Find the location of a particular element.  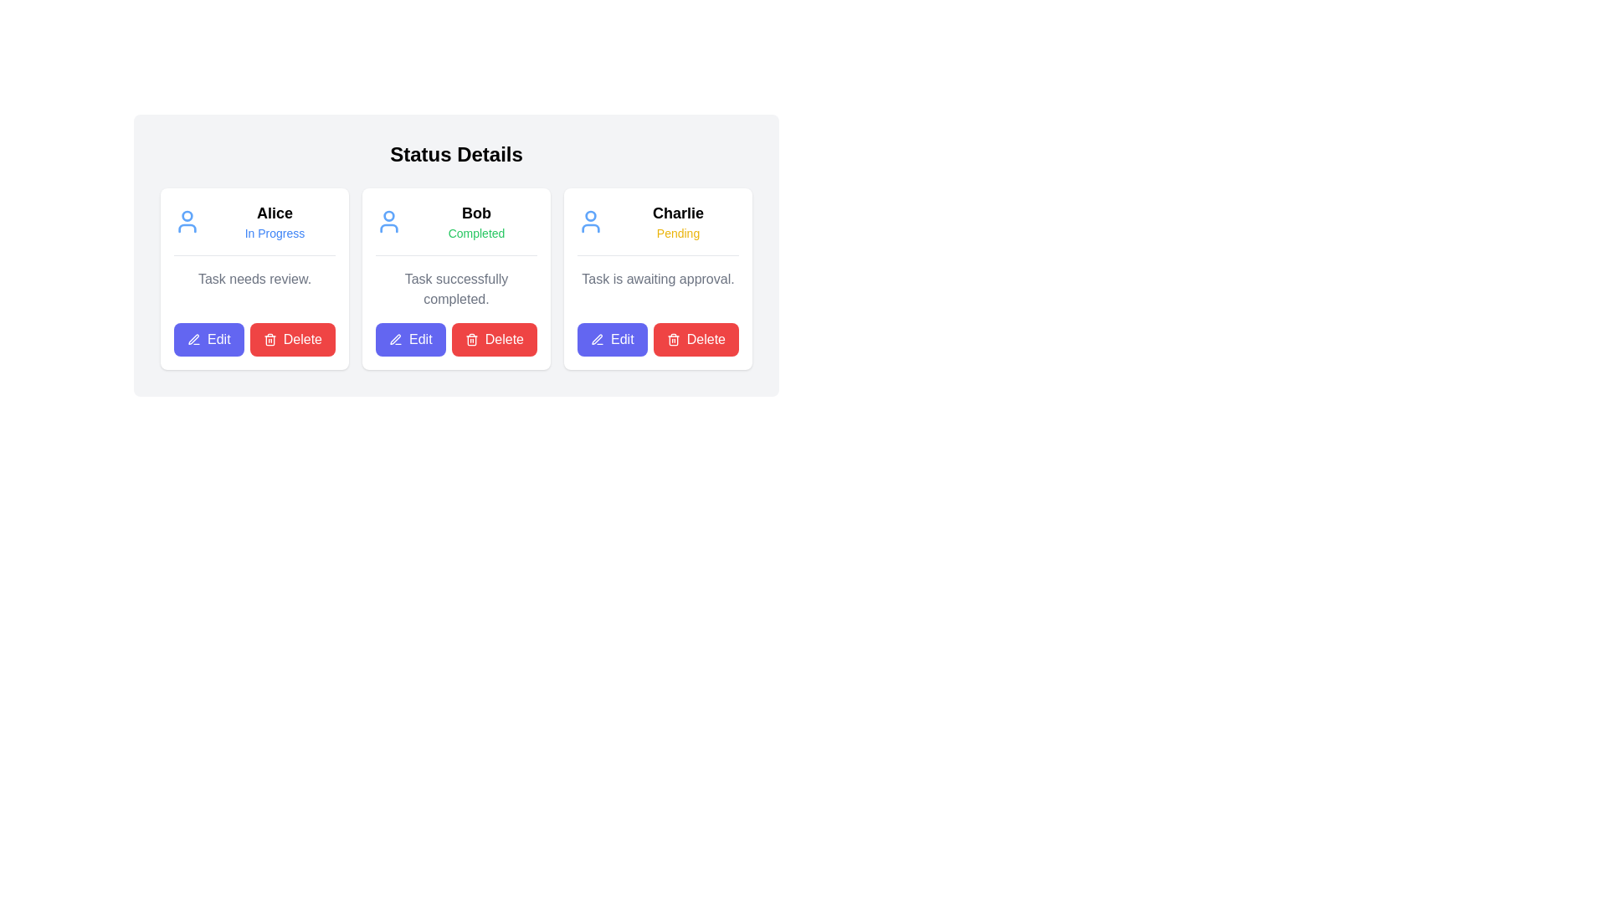

the title label for 'Charlie' located at the top of the rightmost card in the horizontal arrangement of cards, positioned under the 'Status Details' heading is located at coordinates (678, 212).